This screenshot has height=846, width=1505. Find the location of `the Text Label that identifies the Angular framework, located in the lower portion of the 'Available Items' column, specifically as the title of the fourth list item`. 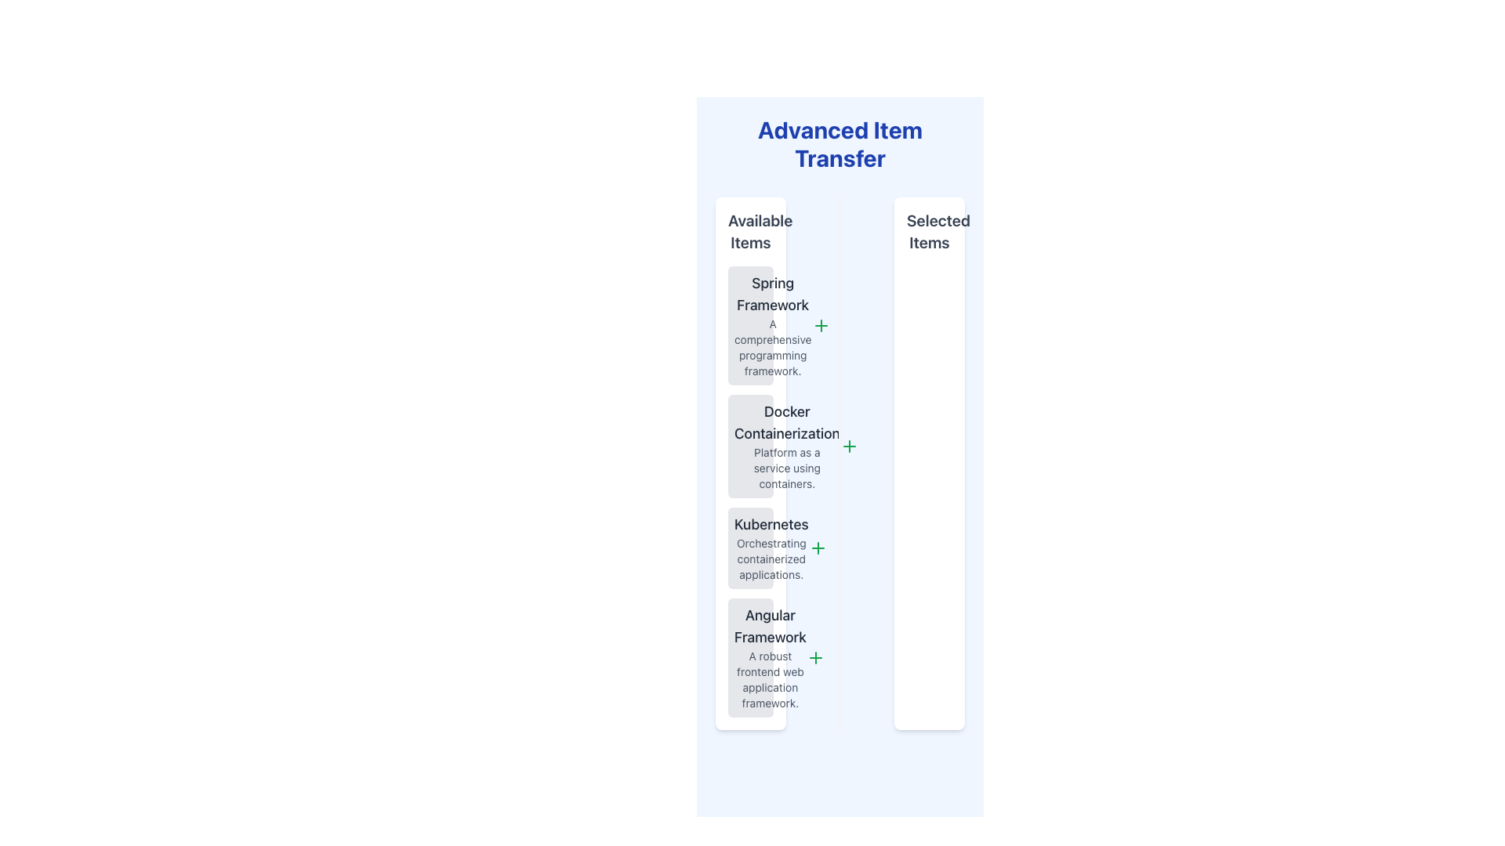

the Text Label that identifies the Angular framework, located in the lower portion of the 'Available Items' column, specifically as the title of the fourth list item is located at coordinates (771, 625).